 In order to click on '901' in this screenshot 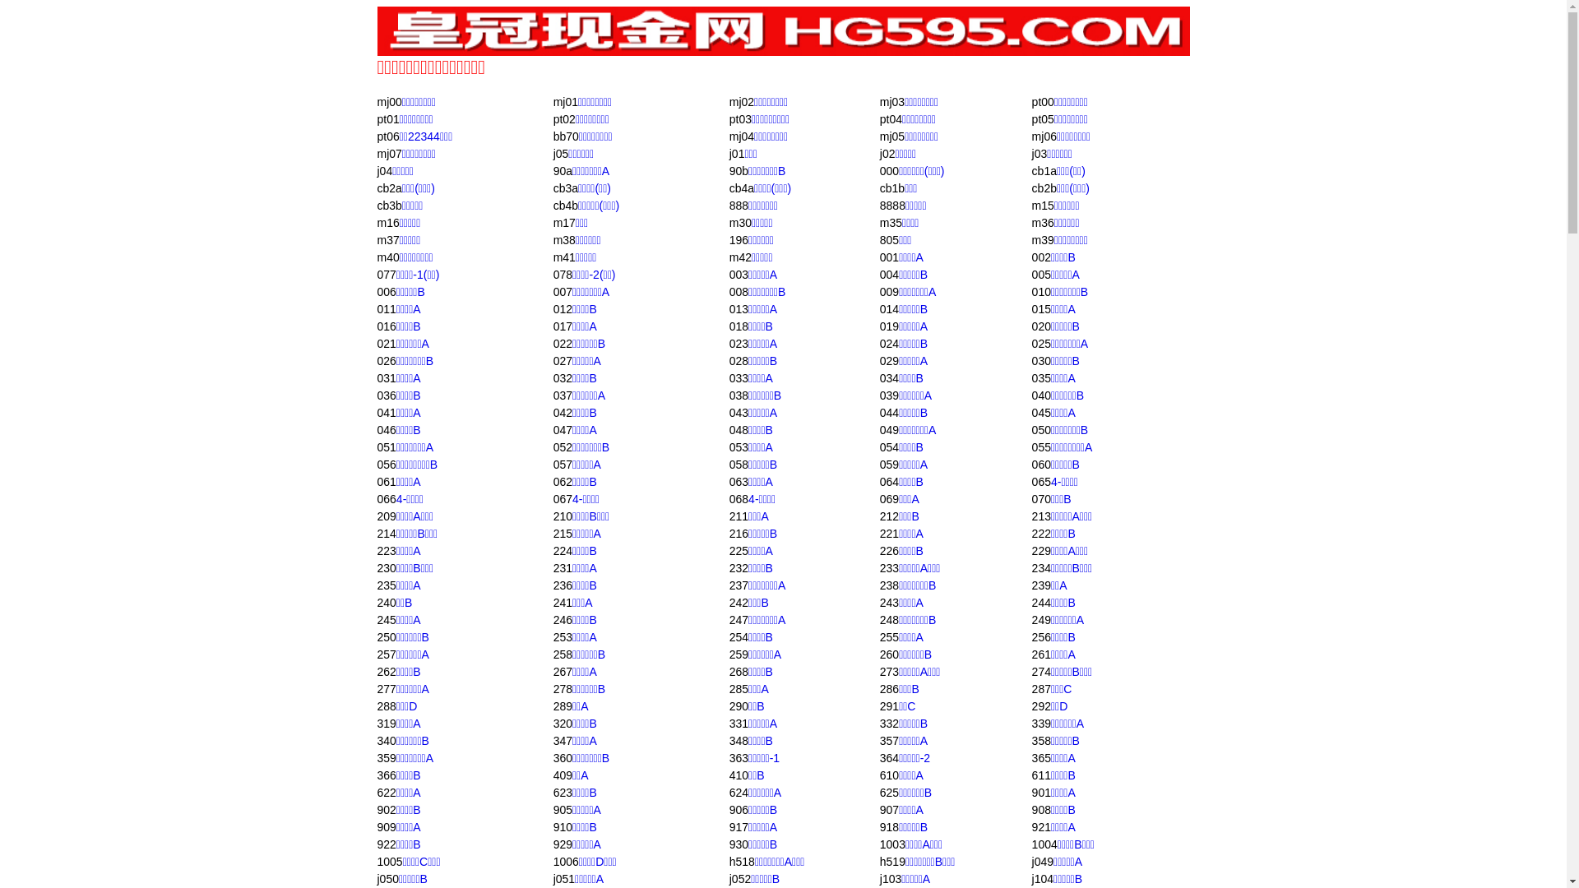, I will do `click(1040, 792)`.